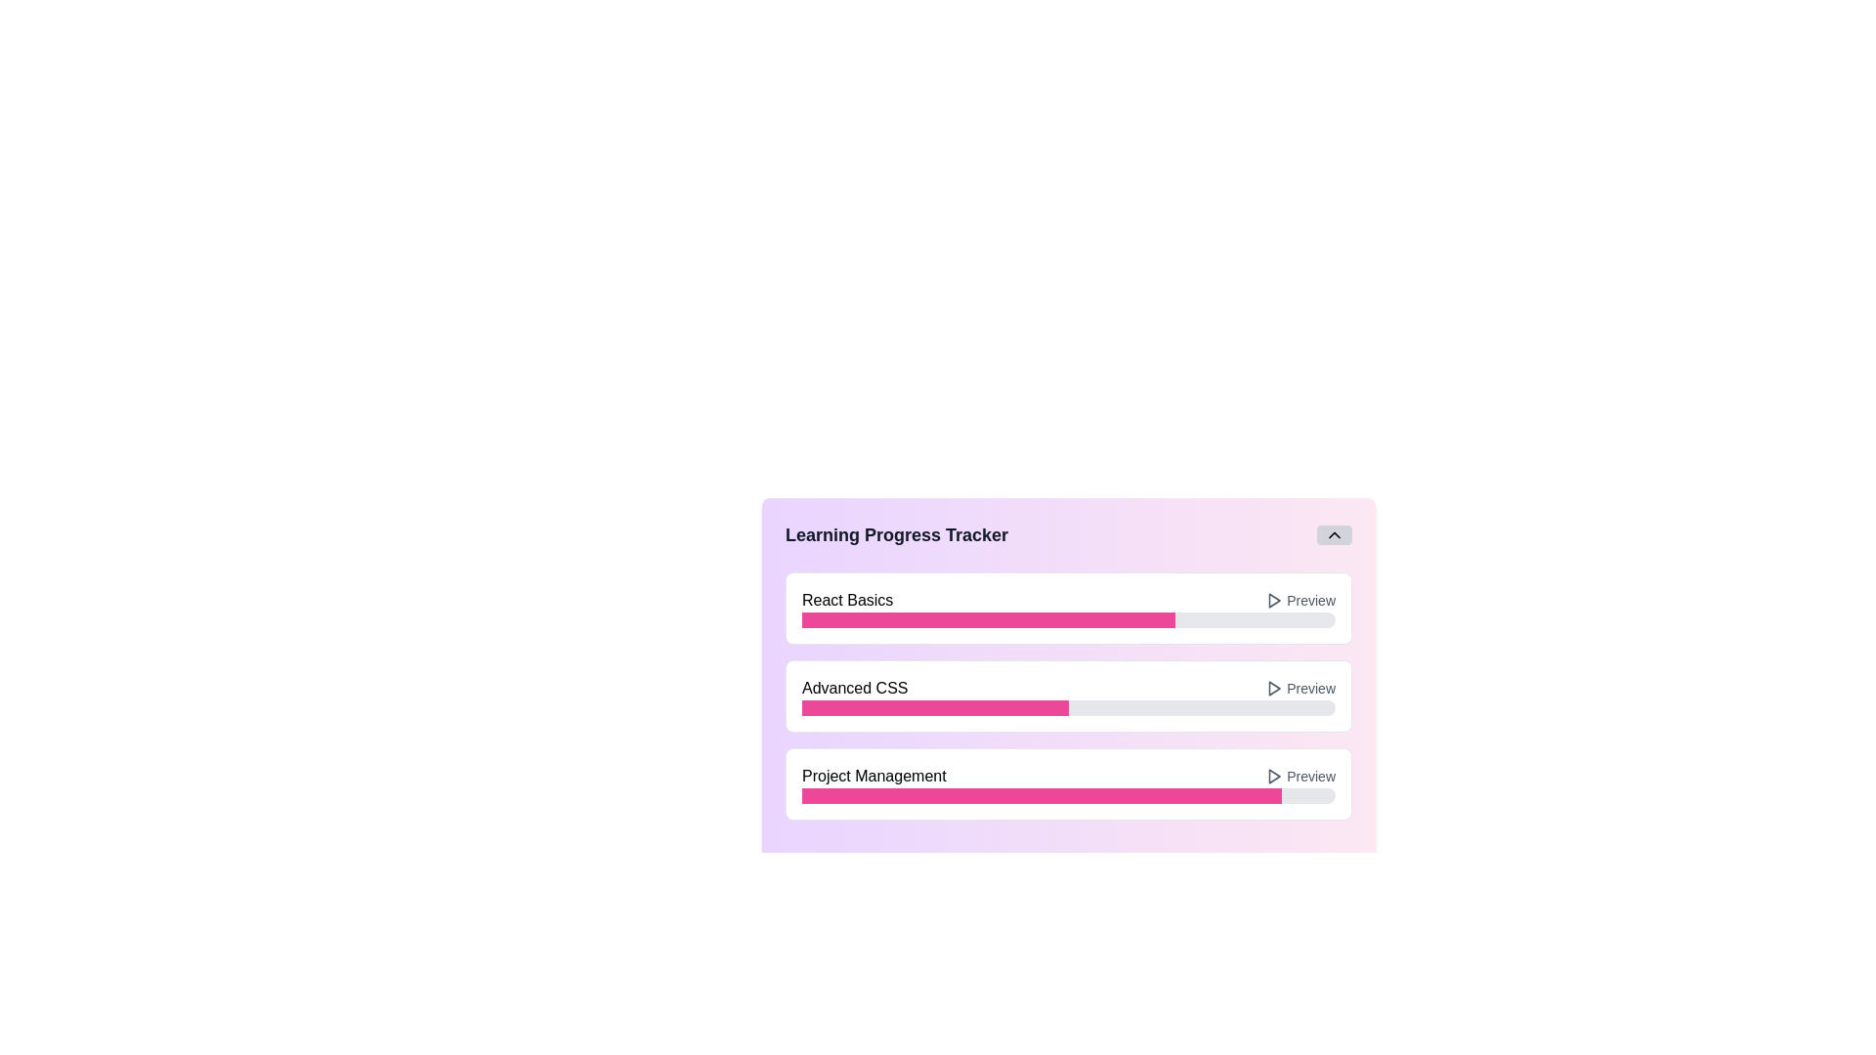  I want to click on the pink-filled progress bar segment representing 90% completion in the 'Project Management' section of the 'Learning Progress Tracker' card, so click(1041, 795).